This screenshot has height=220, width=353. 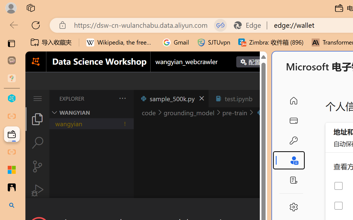 I want to click on 'SJTUvpn', so click(x=213, y=42).